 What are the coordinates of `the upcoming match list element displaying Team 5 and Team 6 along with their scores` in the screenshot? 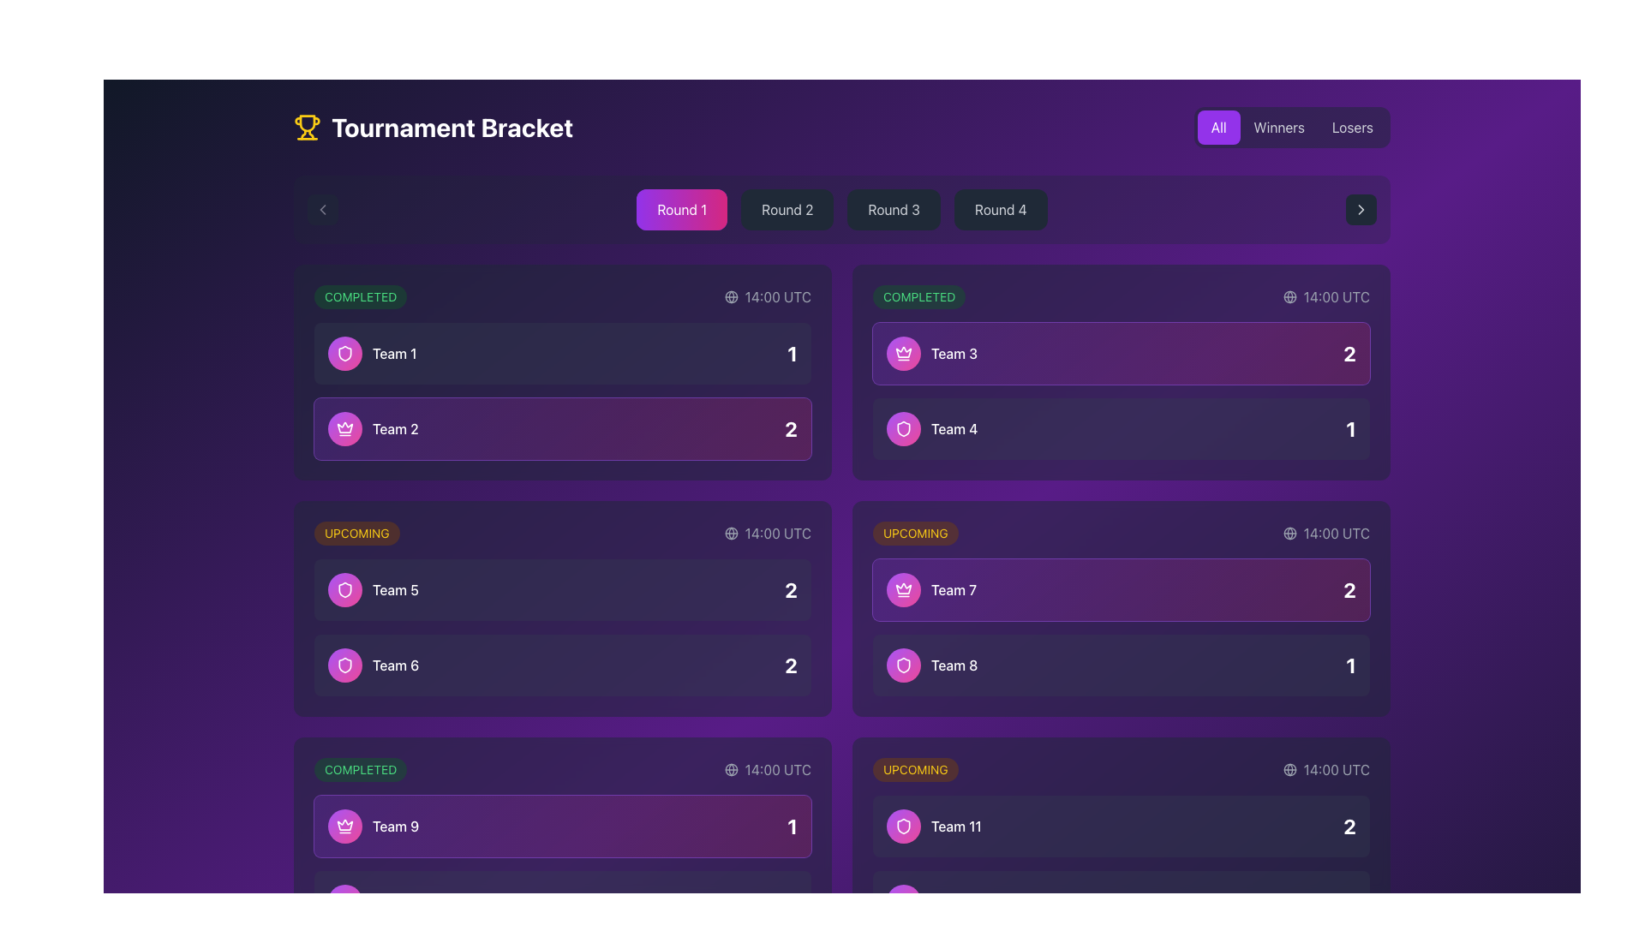 It's located at (563, 627).